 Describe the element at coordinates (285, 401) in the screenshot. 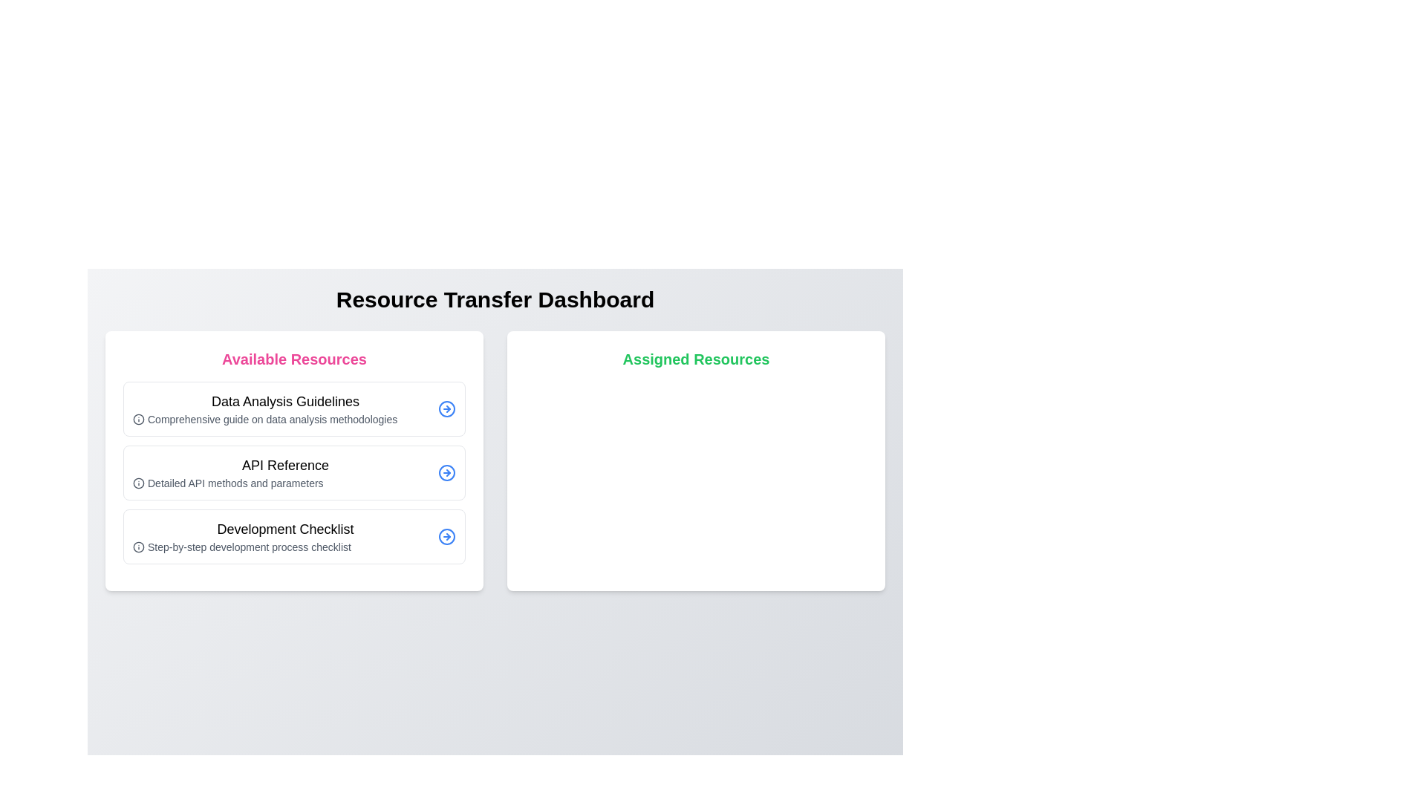

I see `the prominently displayed text 'Data Analysis Guidelines' which is styled with a medium font weight and larger size, located in the top row under 'Available Resources' in the 'Resource Transfer Dashboard'` at that location.